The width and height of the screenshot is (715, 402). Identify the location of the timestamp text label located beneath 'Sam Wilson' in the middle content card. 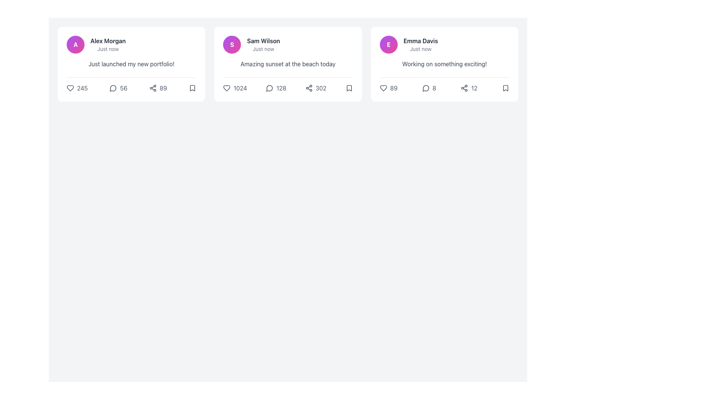
(263, 49).